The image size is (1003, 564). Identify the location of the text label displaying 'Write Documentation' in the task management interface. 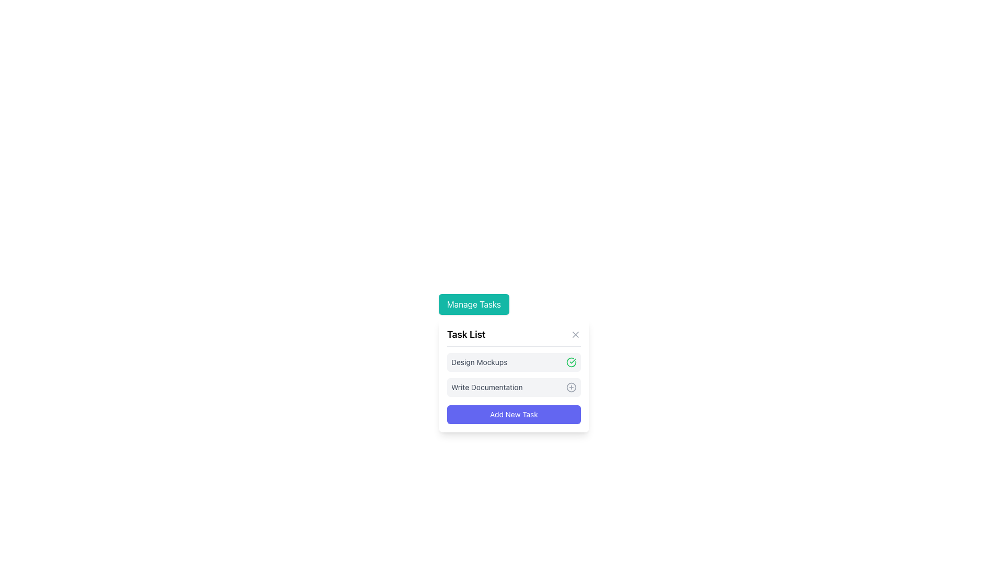
(486, 387).